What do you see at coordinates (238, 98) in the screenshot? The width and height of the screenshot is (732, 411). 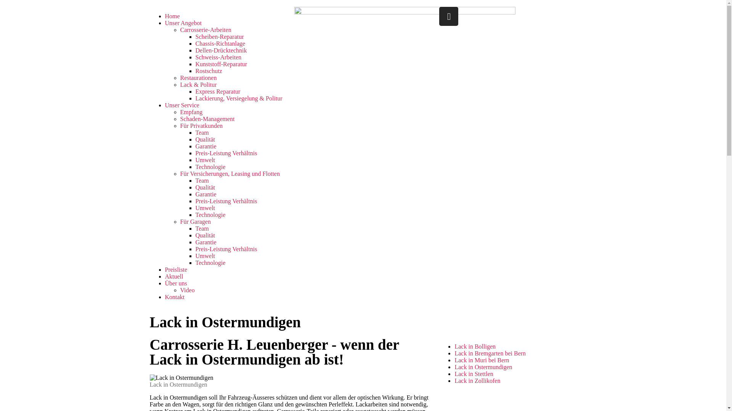 I see `'Lackierung, Versiegelung & Politur'` at bounding box center [238, 98].